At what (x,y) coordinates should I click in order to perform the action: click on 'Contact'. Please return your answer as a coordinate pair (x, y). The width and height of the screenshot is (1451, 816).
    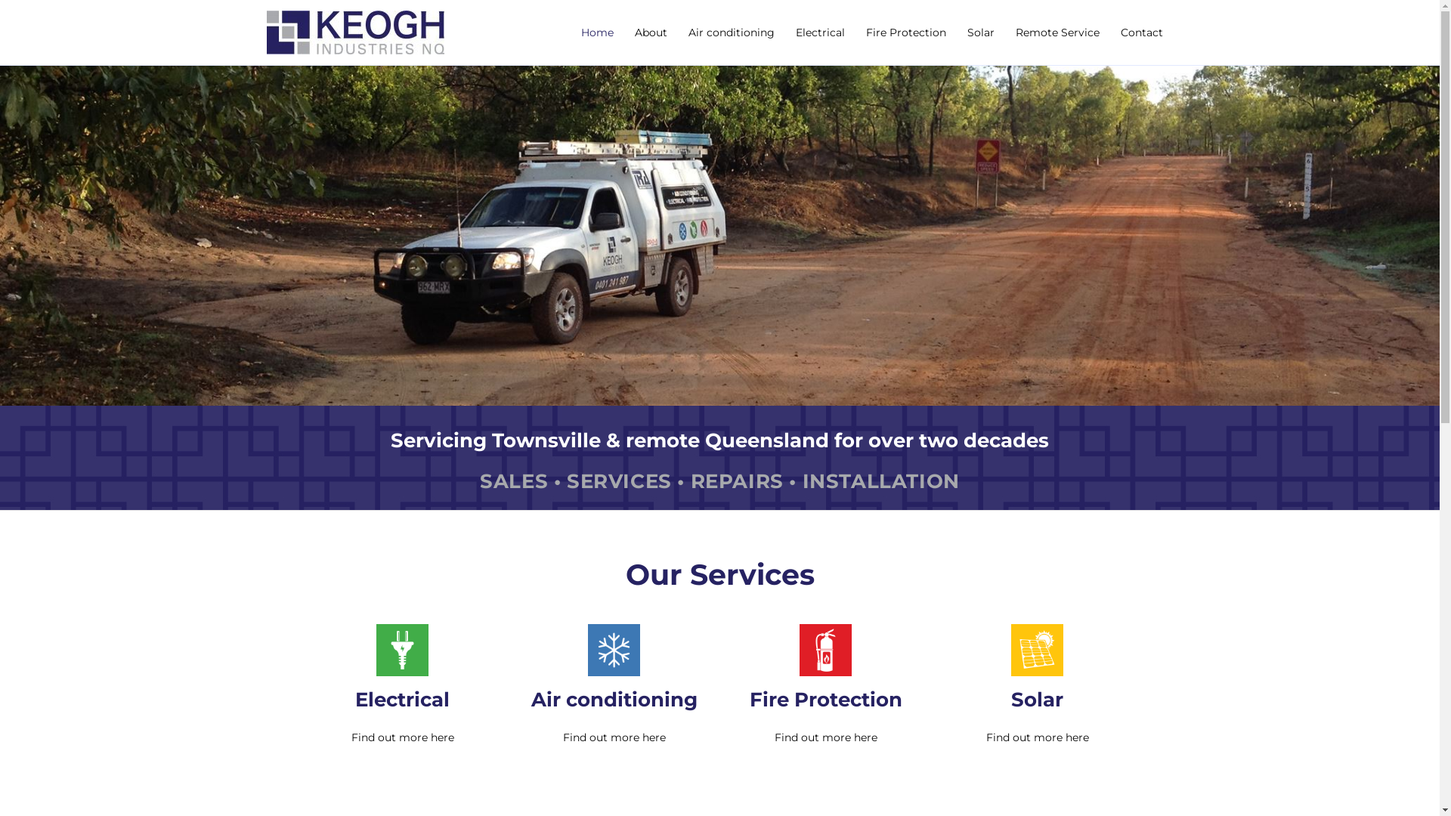
    Looking at the image, I should click on (1141, 32).